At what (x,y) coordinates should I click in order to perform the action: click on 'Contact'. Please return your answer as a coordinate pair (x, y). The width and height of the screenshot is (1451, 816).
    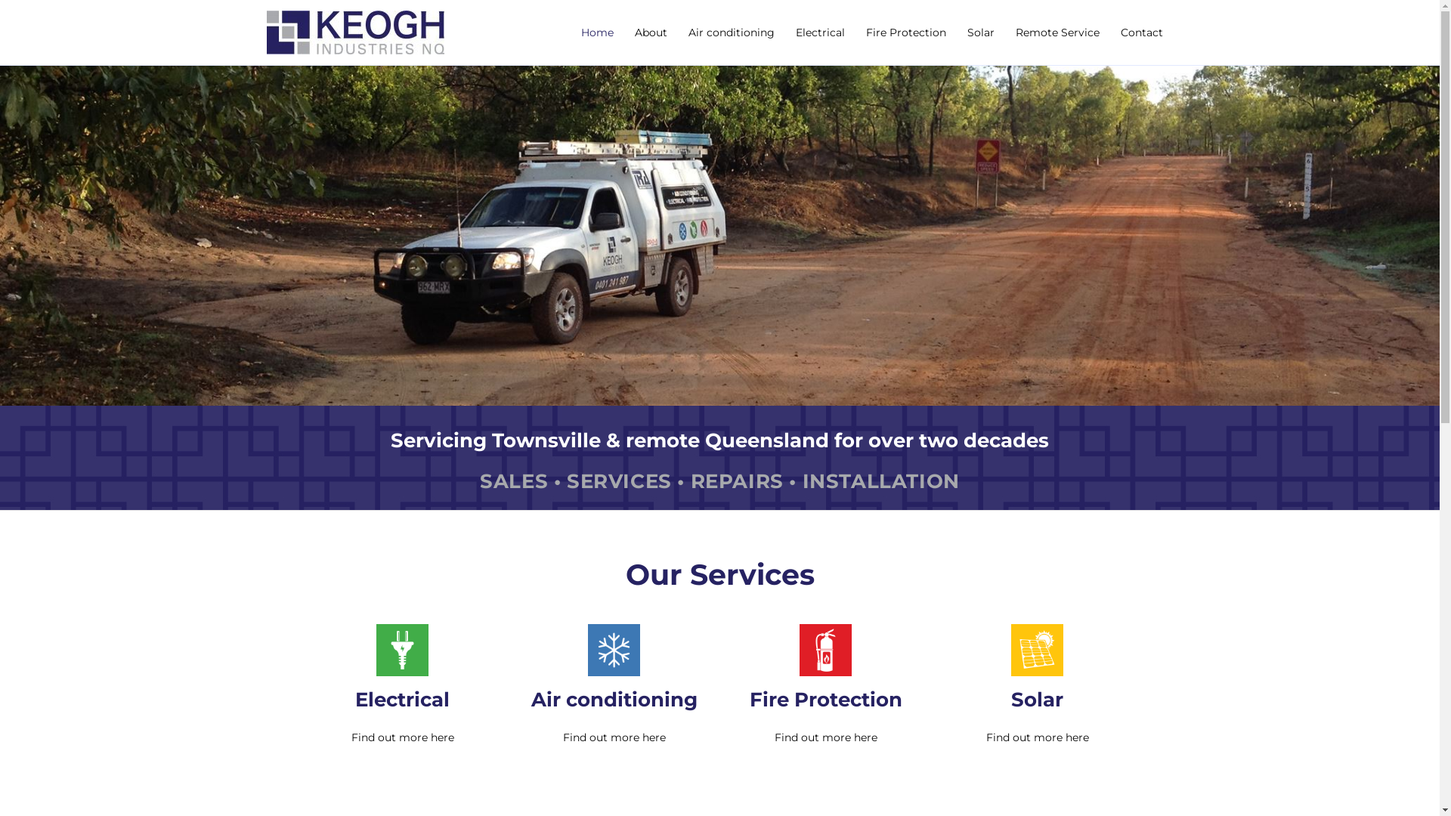
    Looking at the image, I should click on (1141, 32).